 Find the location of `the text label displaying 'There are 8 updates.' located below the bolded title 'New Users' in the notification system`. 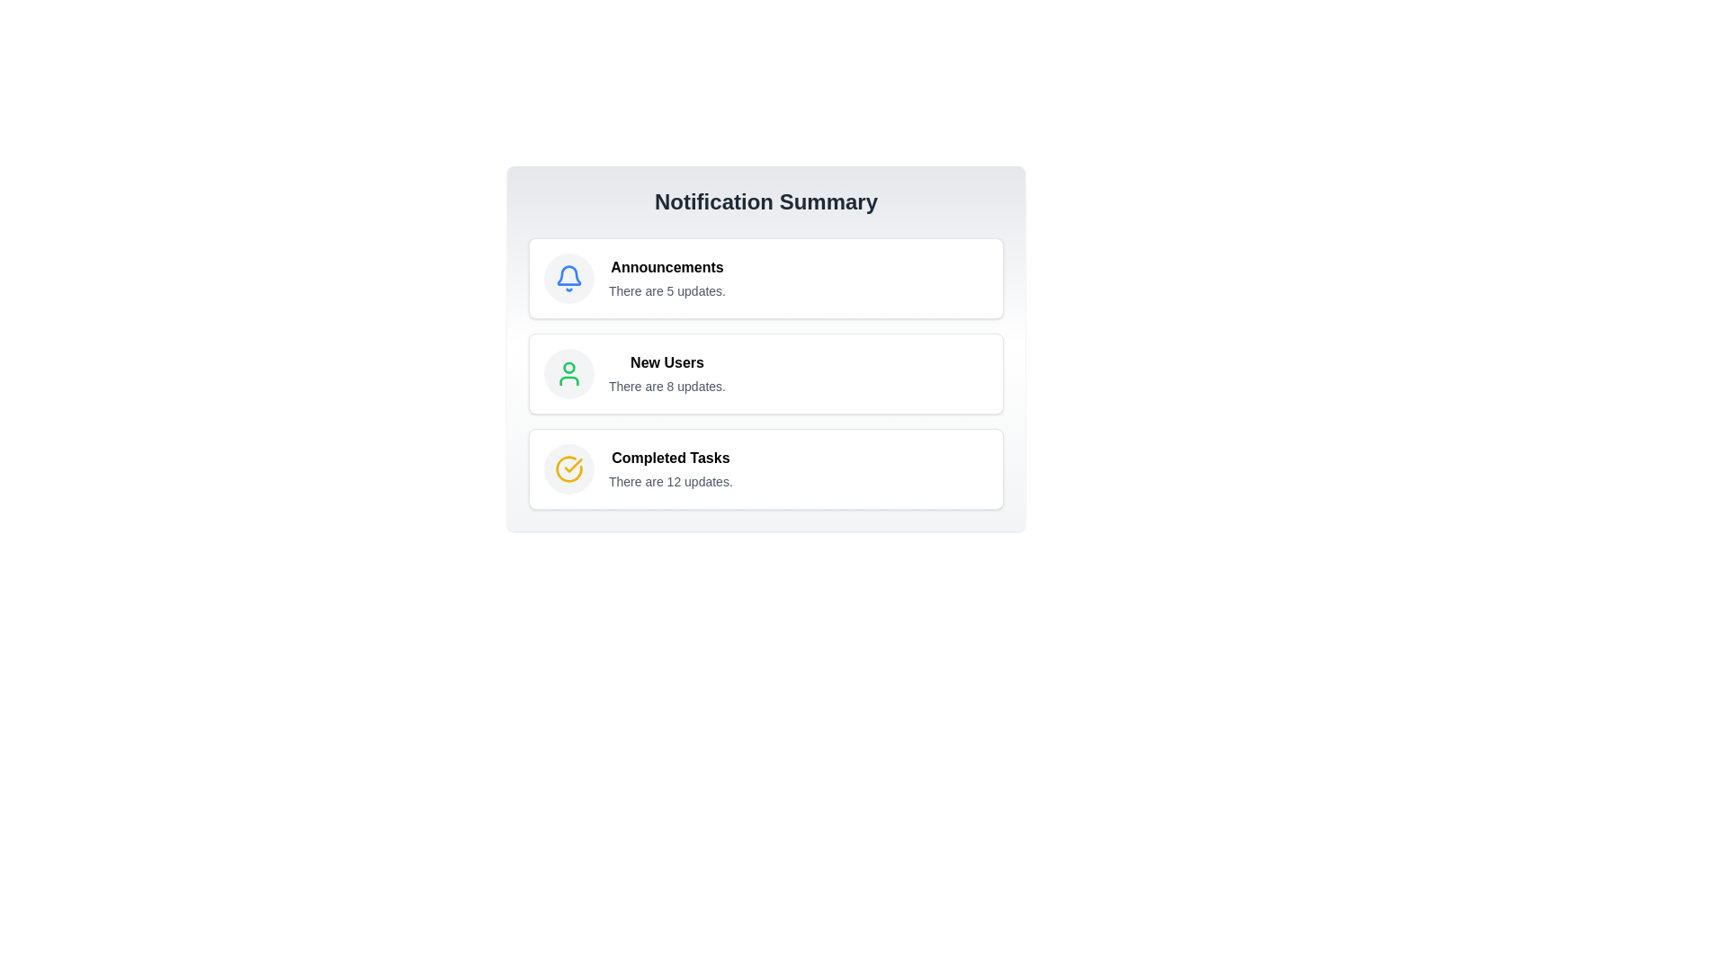

the text label displaying 'There are 8 updates.' located below the bolded title 'New Users' in the notification system is located at coordinates (667, 385).